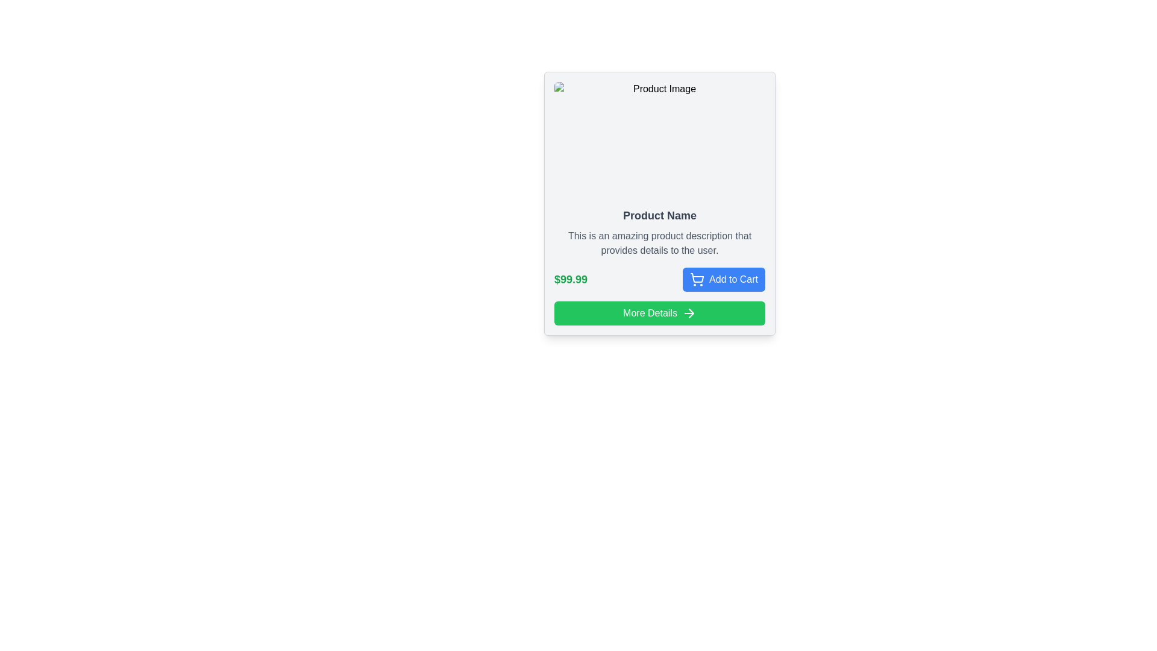  I want to click on the bold, dark gray header text labeled 'Product Name', which is prominently displayed in a larger font size within the product card layout, so click(659, 215).